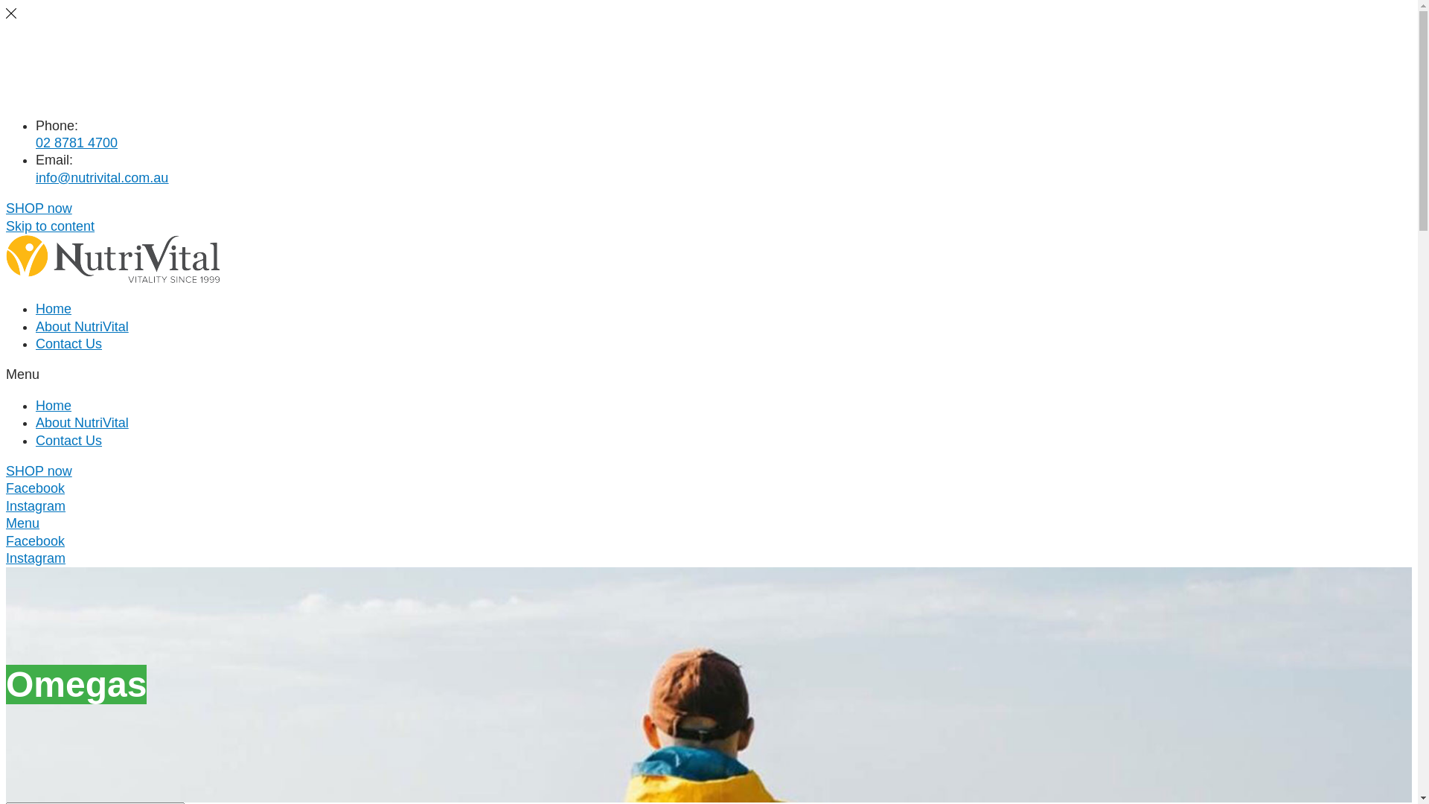 This screenshot has width=1429, height=804. Describe the element at coordinates (50, 226) in the screenshot. I see `'Skip to content'` at that location.